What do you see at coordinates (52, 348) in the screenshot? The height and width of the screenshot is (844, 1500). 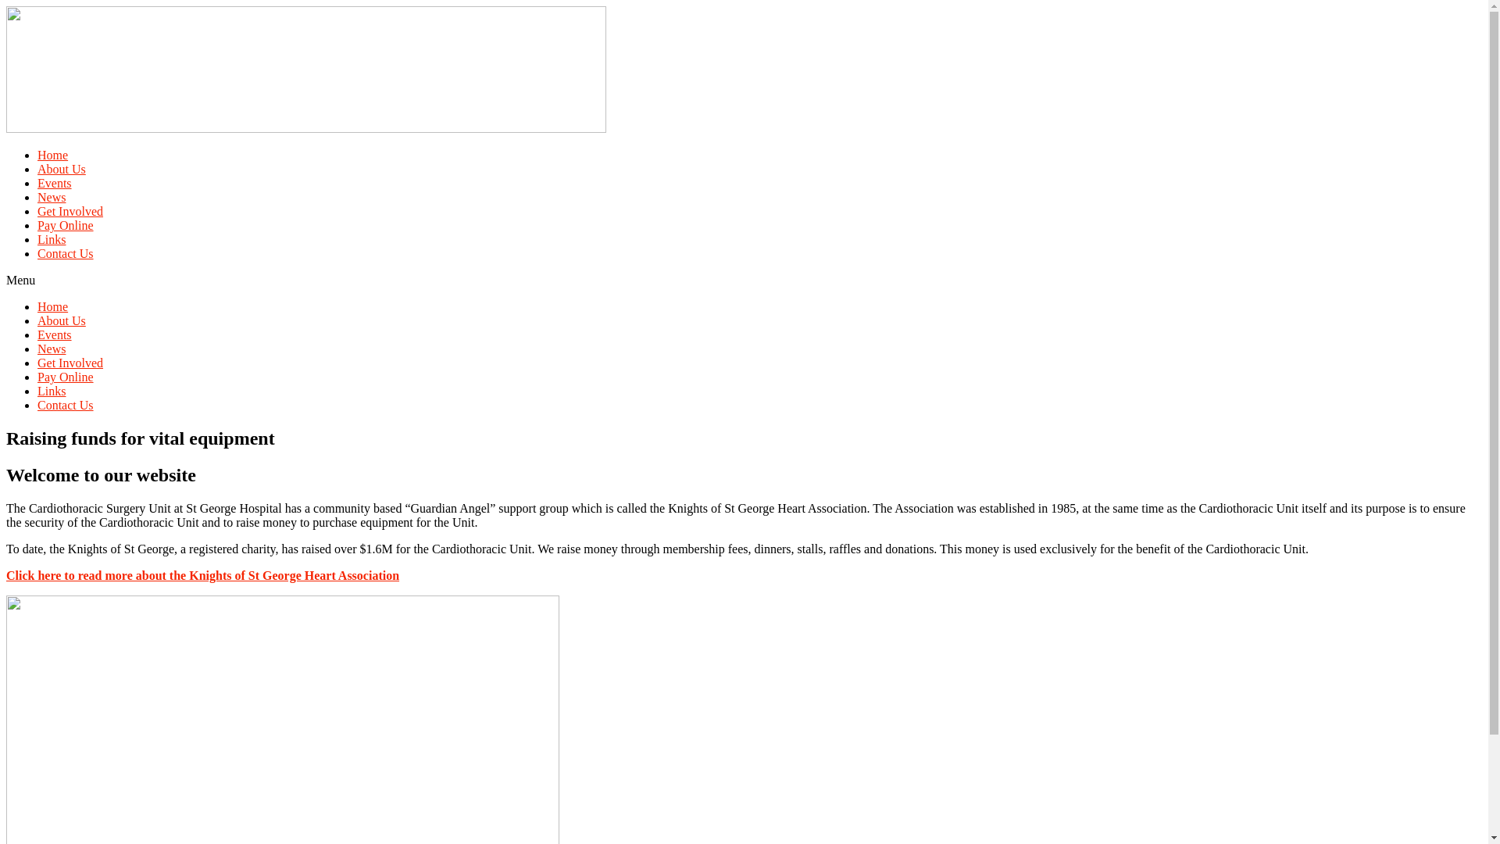 I see `'News'` at bounding box center [52, 348].